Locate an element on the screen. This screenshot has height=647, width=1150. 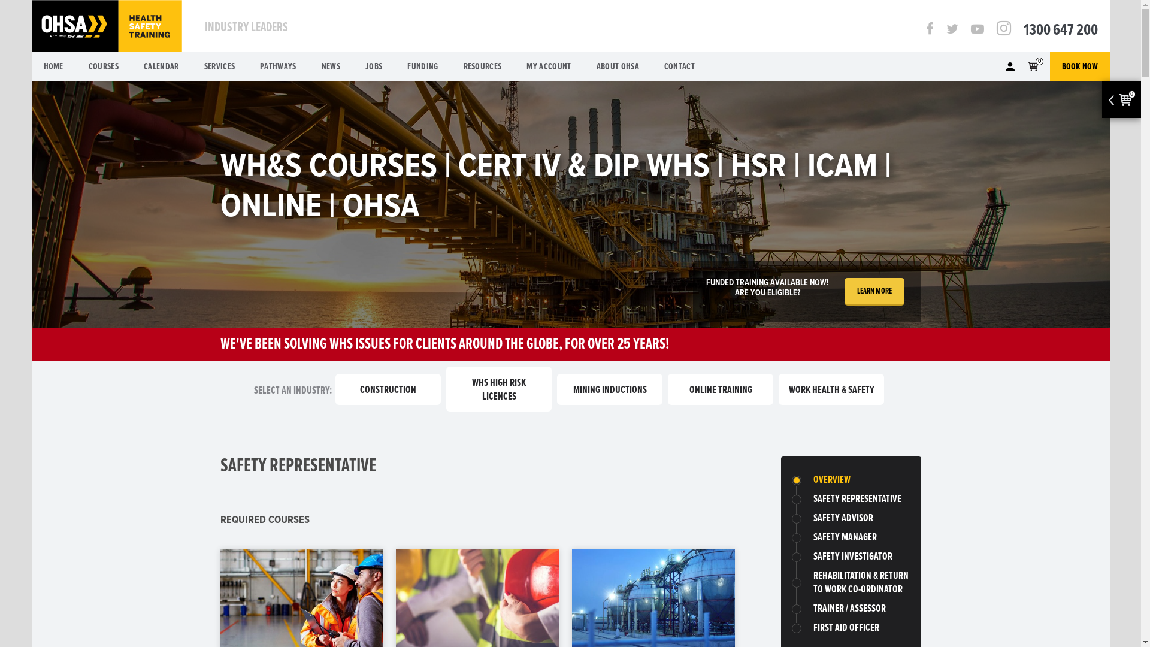
'PATHWAYS' is located at coordinates (277, 66).